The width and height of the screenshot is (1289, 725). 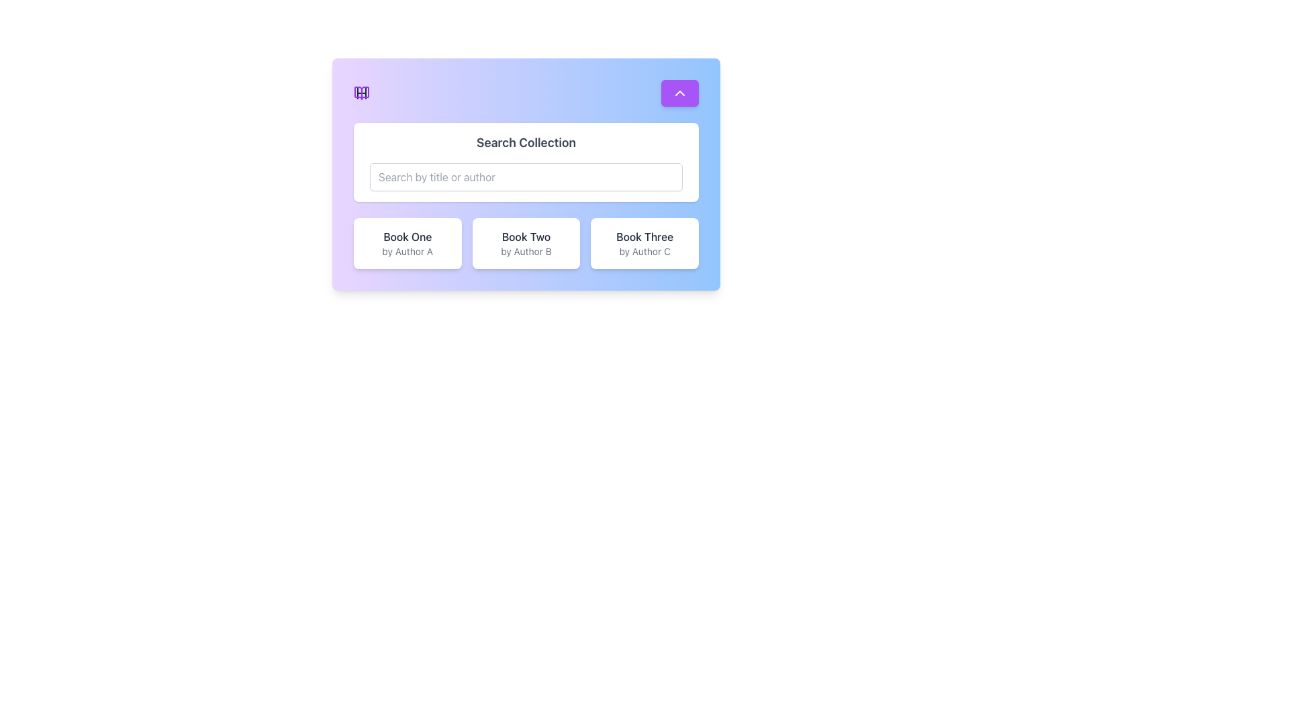 I want to click on the title text element of the book card, which is positioned in a white, rounded rectangle above the author text 'by Author A', so click(x=407, y=236).